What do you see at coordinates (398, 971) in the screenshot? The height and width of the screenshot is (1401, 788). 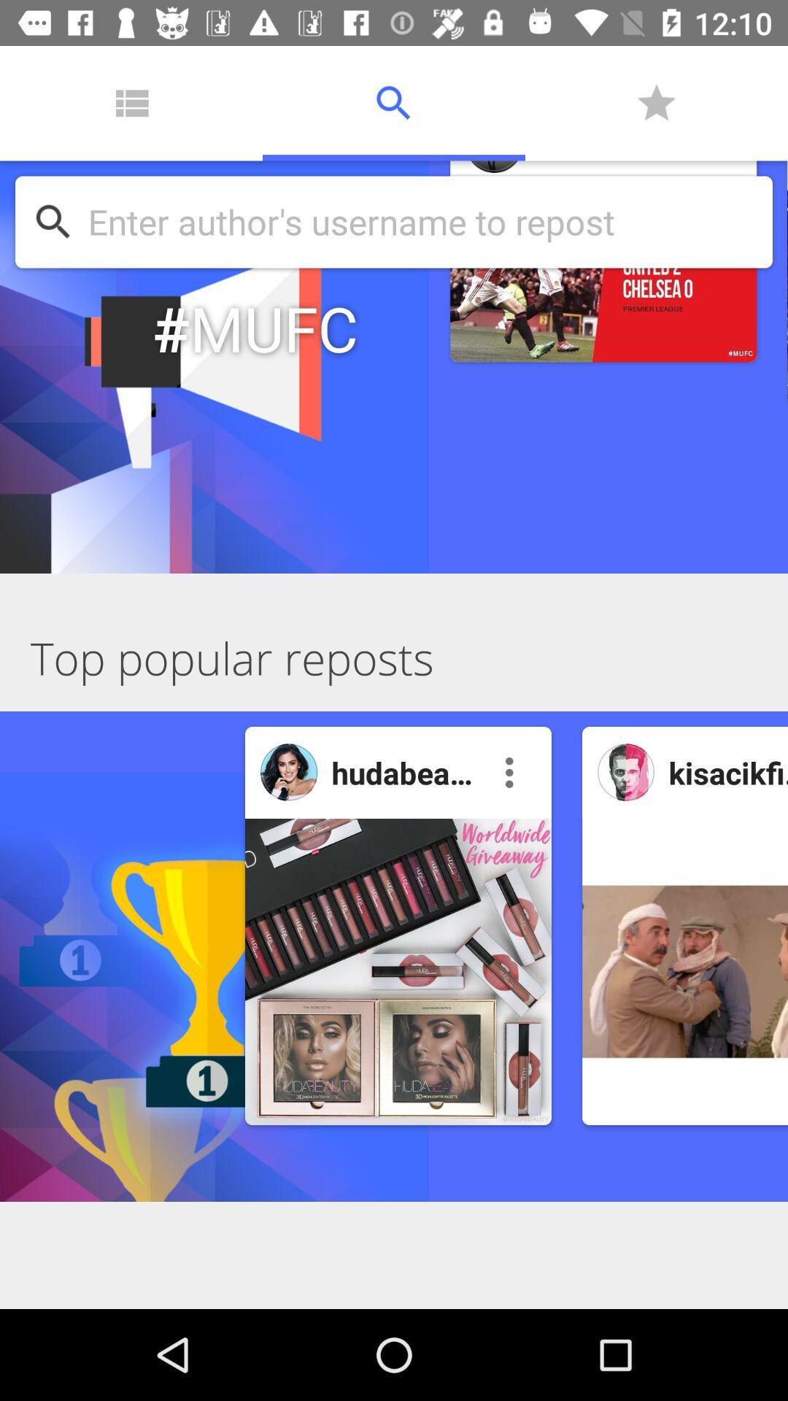 I see `post` at bounding box center [398, 971].